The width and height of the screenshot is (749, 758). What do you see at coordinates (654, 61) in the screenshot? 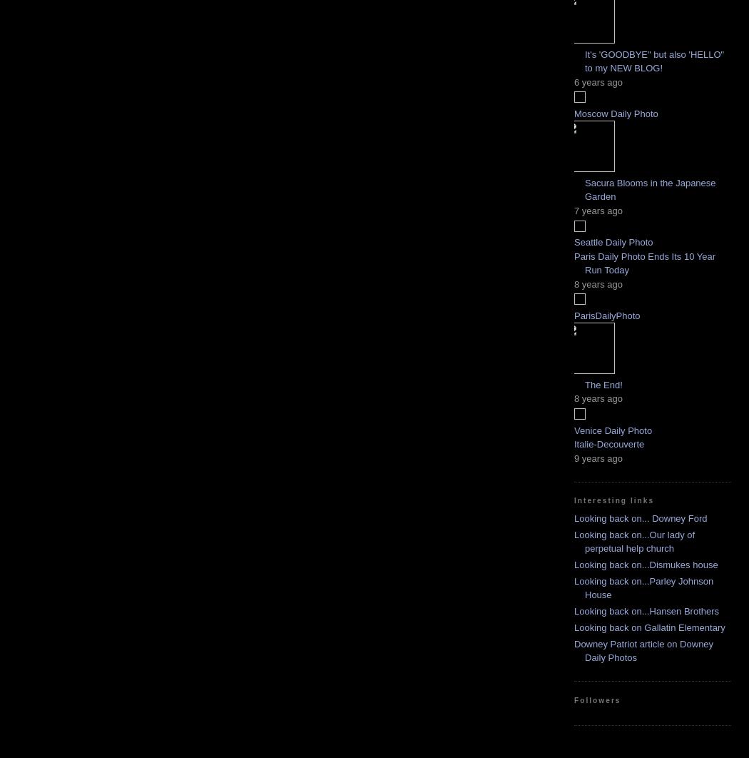
I see `'It's 'GOODBYE" but also 'HELLO" to my NEW BLOG!'` at bounding box center [654, 61].